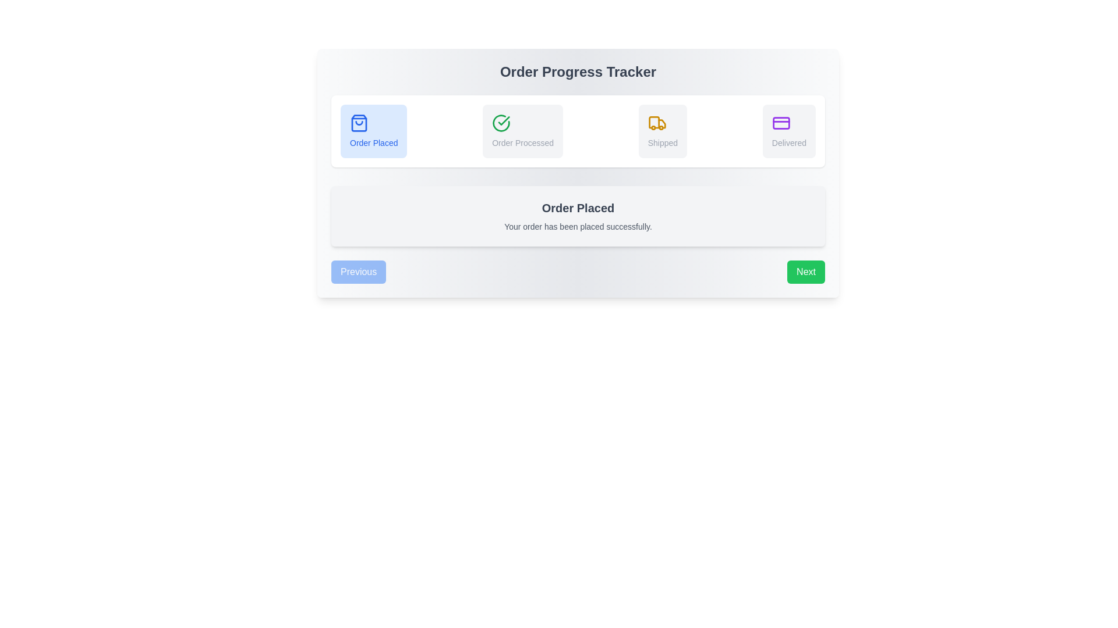  I want to click on the state of the purple credit card icon located at the rightmost position in the 'Order Progress Tracker' interface, which signifies the final stage above the 'Delivered' label, so click(781, 123).